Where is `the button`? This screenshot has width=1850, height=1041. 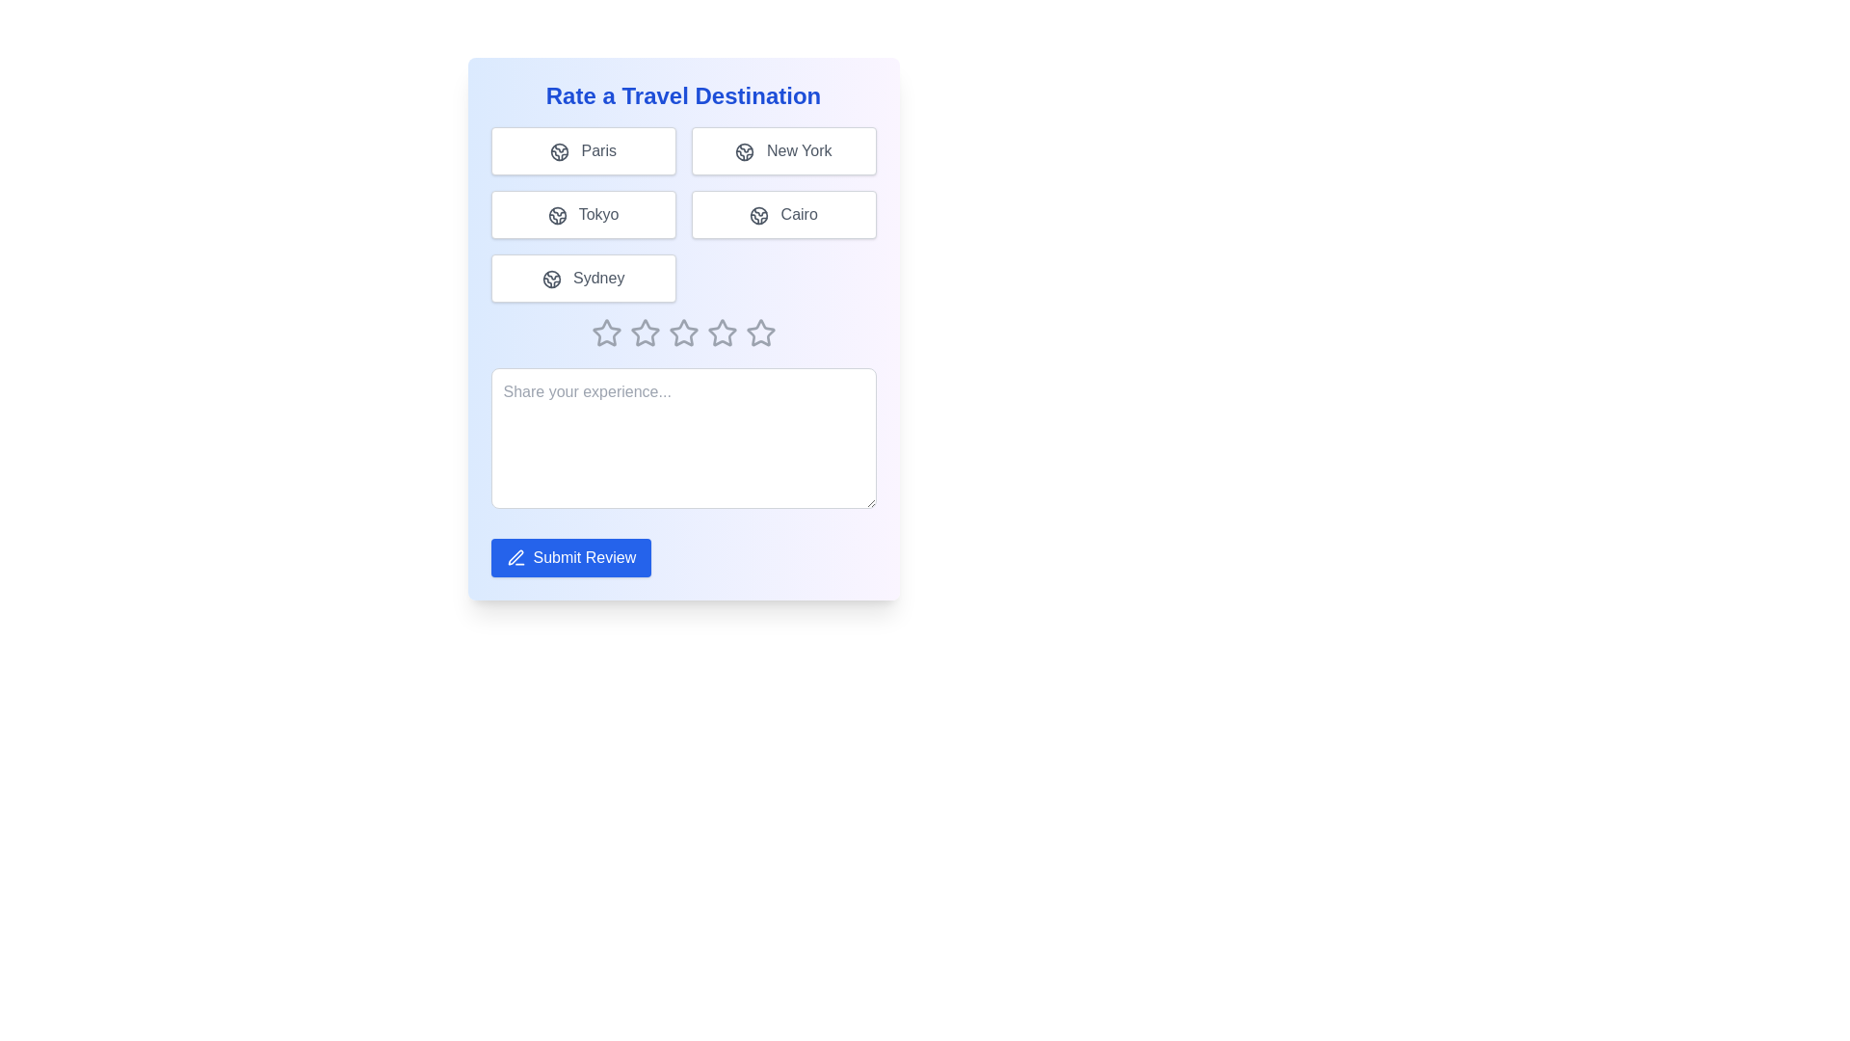
the button is located at coordinates (783, 215).